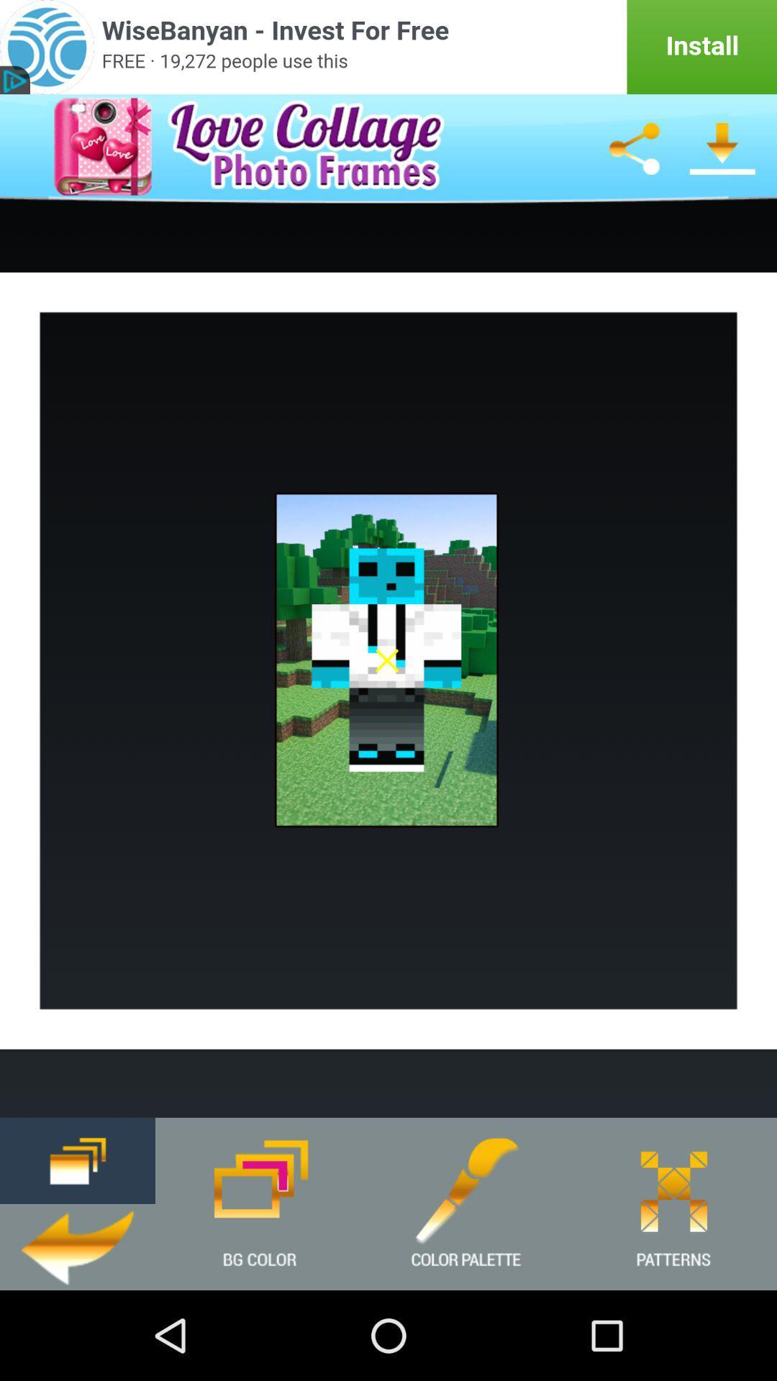  Describe the element at coordinates (78, 1241) in the screenshot. I see `the delete icon` at that location.